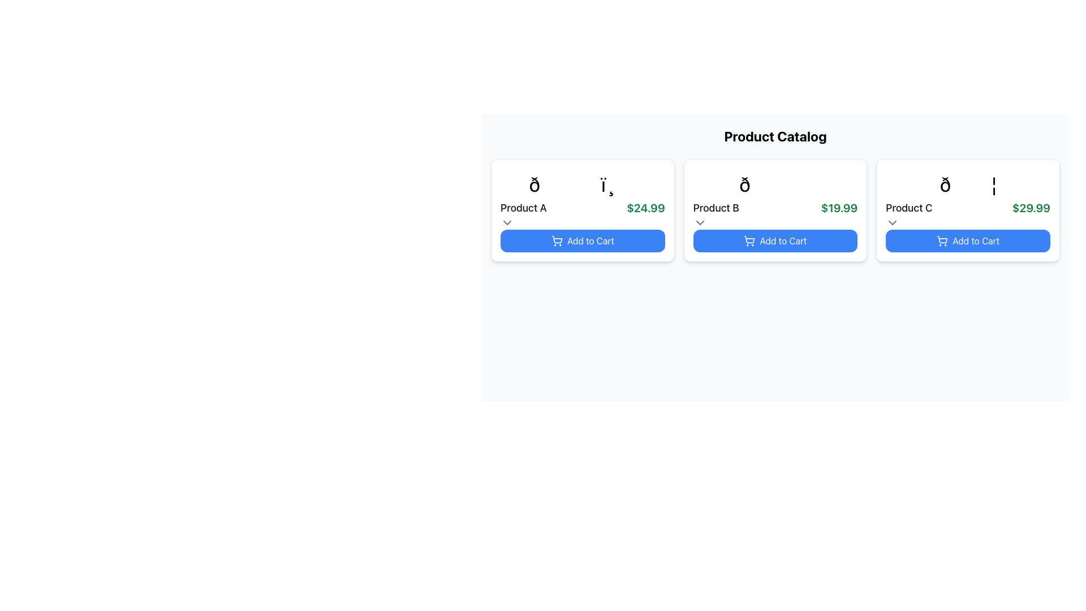 This screenshot has height=611, width=1086. What do you see at coordinates (909, 208) in the screenshot?
I see `the Text Label that serves as the title for the product in the third card of the 'Product Catalog', positioned beneath an icon and above pricing information` at bounding box center [909, 208].